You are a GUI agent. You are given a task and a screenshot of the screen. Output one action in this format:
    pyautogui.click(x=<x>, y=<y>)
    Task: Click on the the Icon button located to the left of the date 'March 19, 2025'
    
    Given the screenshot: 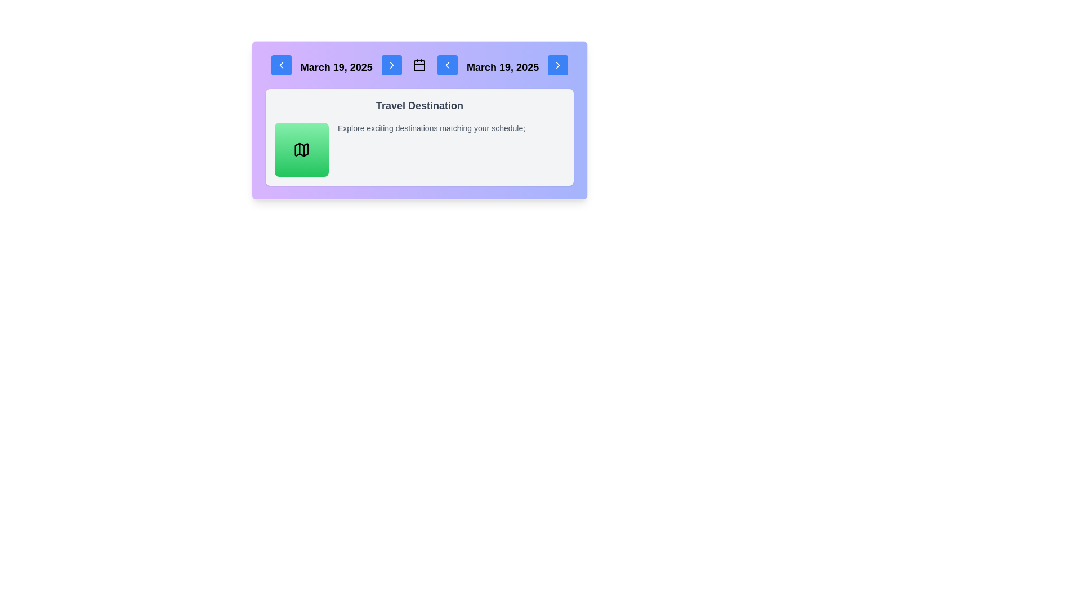 What is the action you would take?
    pyautogui.click(x=447, y=65)
    